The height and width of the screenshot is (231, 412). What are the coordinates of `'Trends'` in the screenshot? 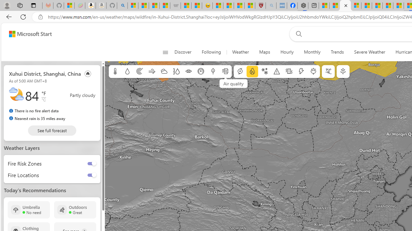 It's located at (337, 52).